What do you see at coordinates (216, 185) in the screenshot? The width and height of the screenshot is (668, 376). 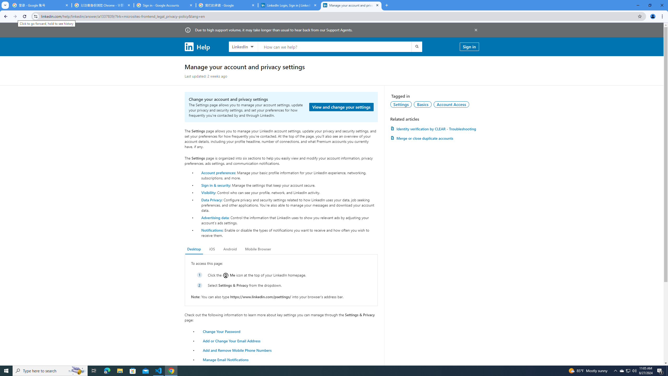 I see `'Sign in & security'` at bounding box center [216, 185].